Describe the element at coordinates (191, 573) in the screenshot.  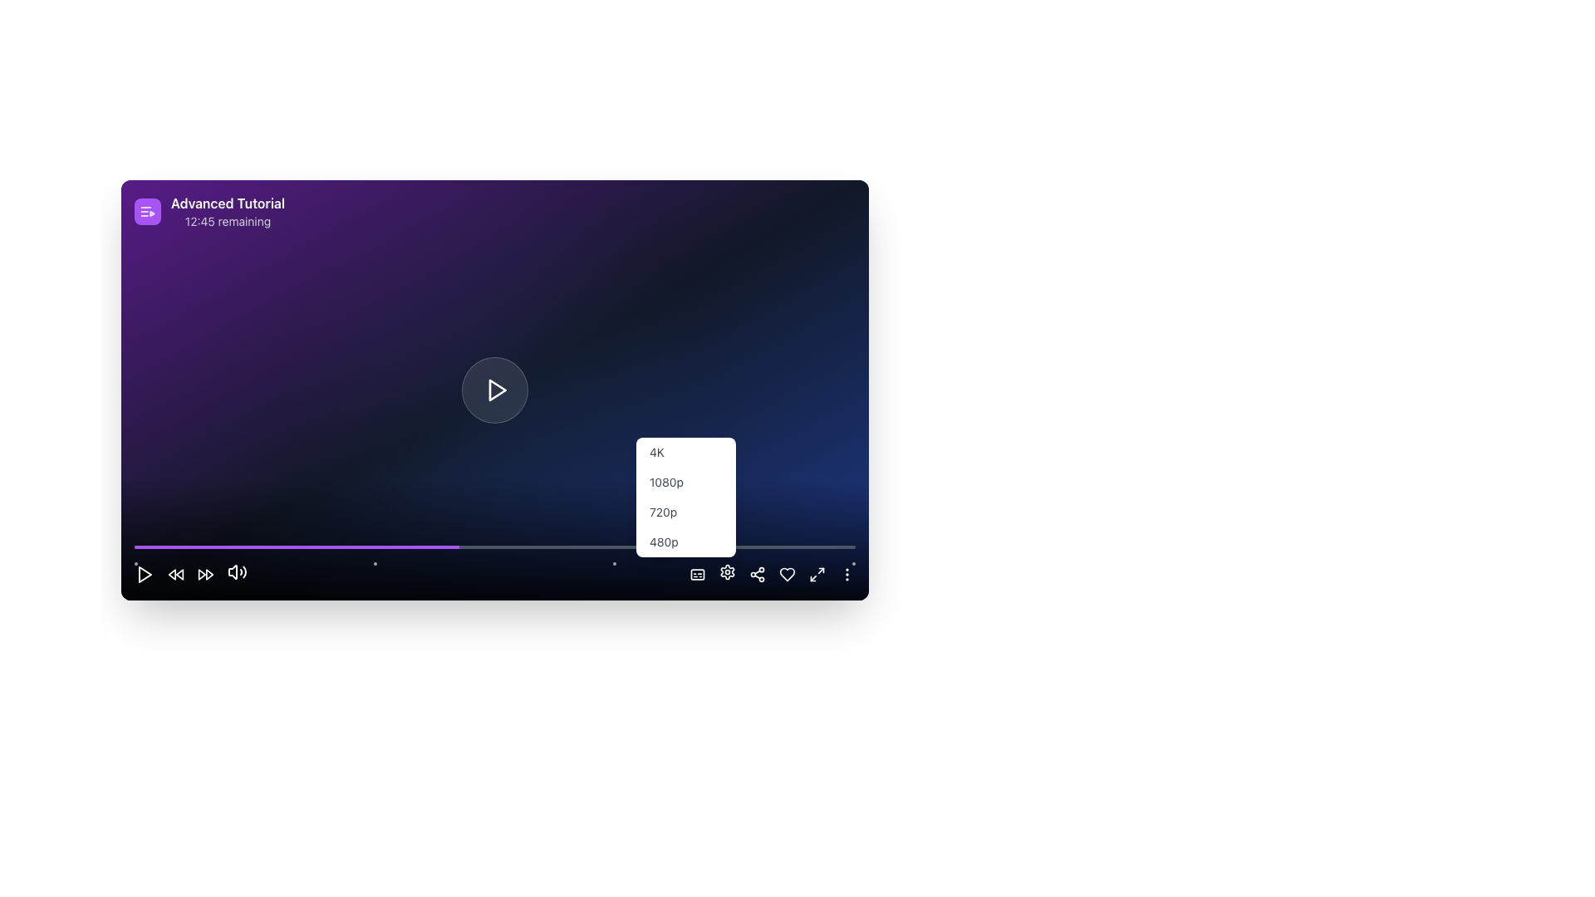
I see `the second button from the left in the media control interface` at that location.